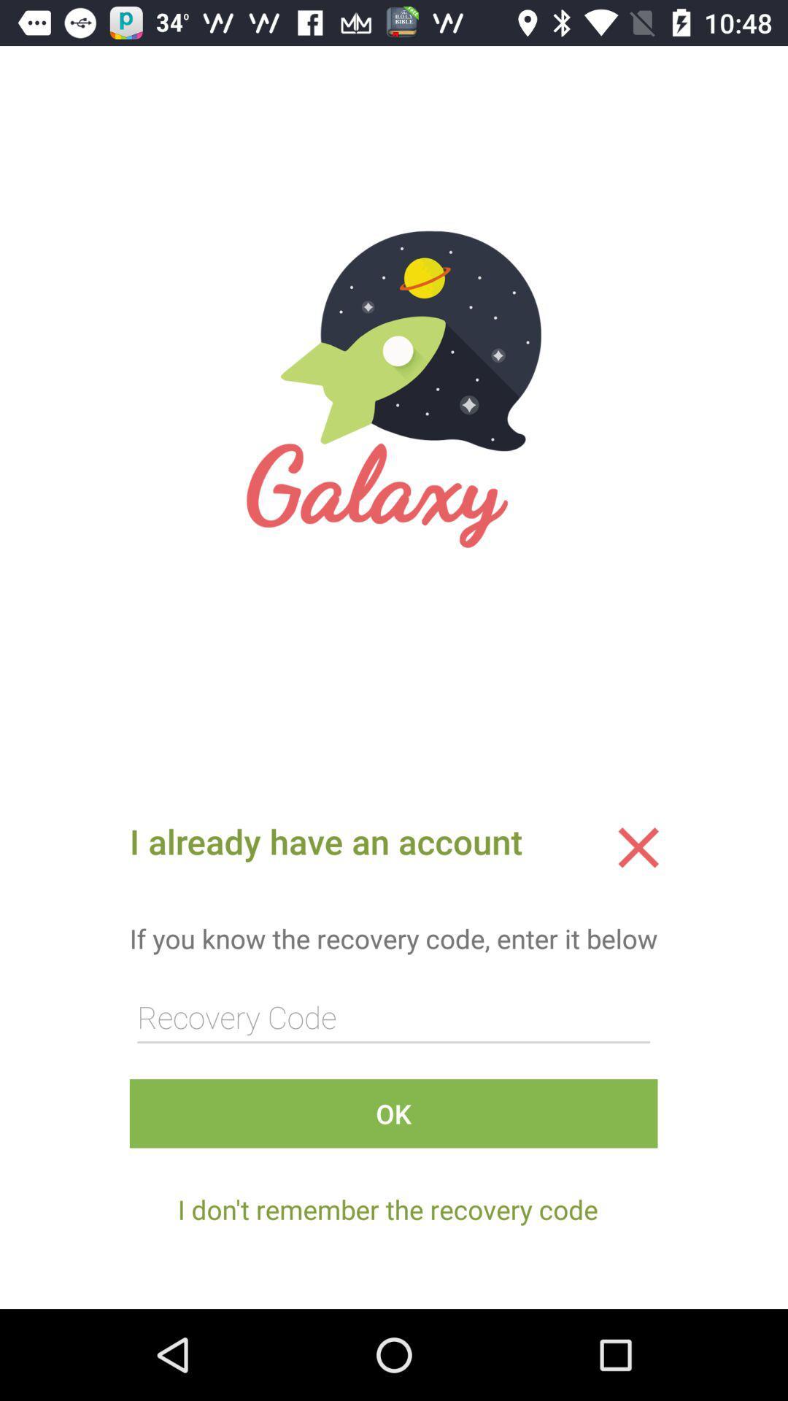  I want to click on item below ok icon, so click(387, 1209).